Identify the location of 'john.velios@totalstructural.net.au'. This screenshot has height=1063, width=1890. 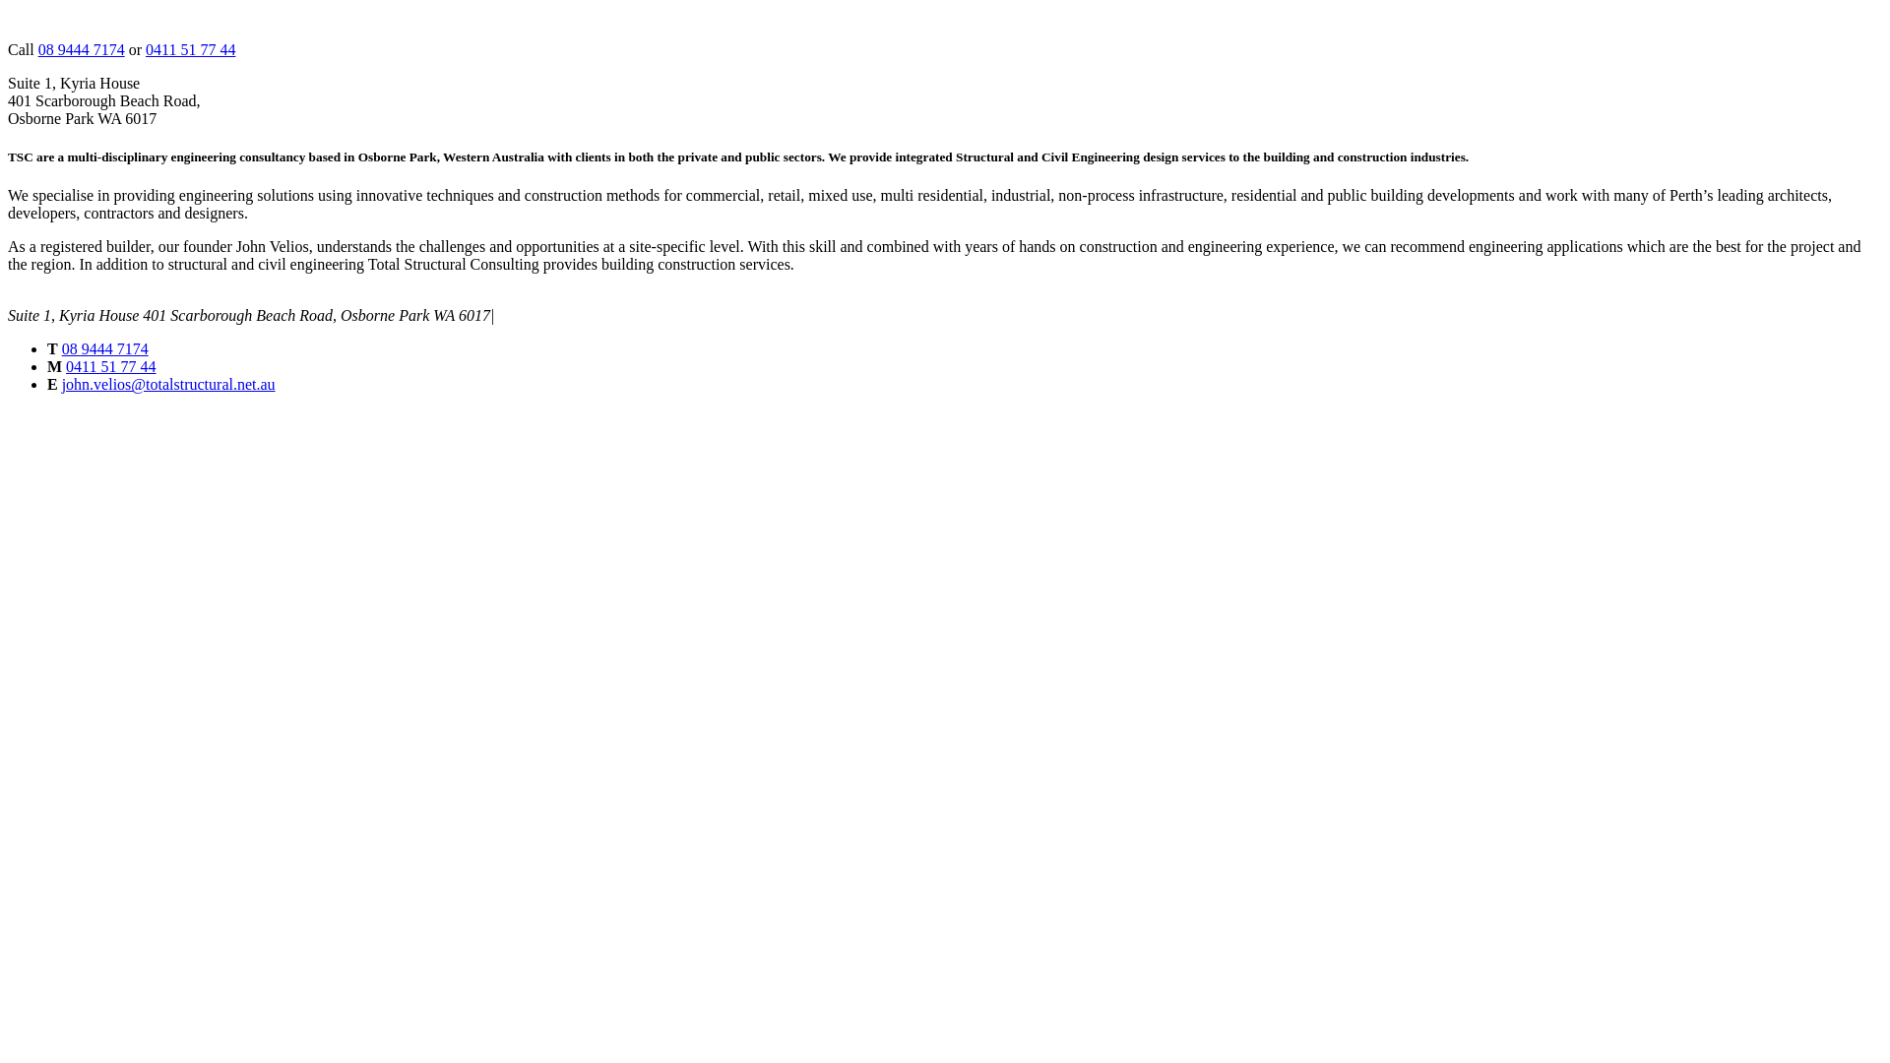
(168, 384).